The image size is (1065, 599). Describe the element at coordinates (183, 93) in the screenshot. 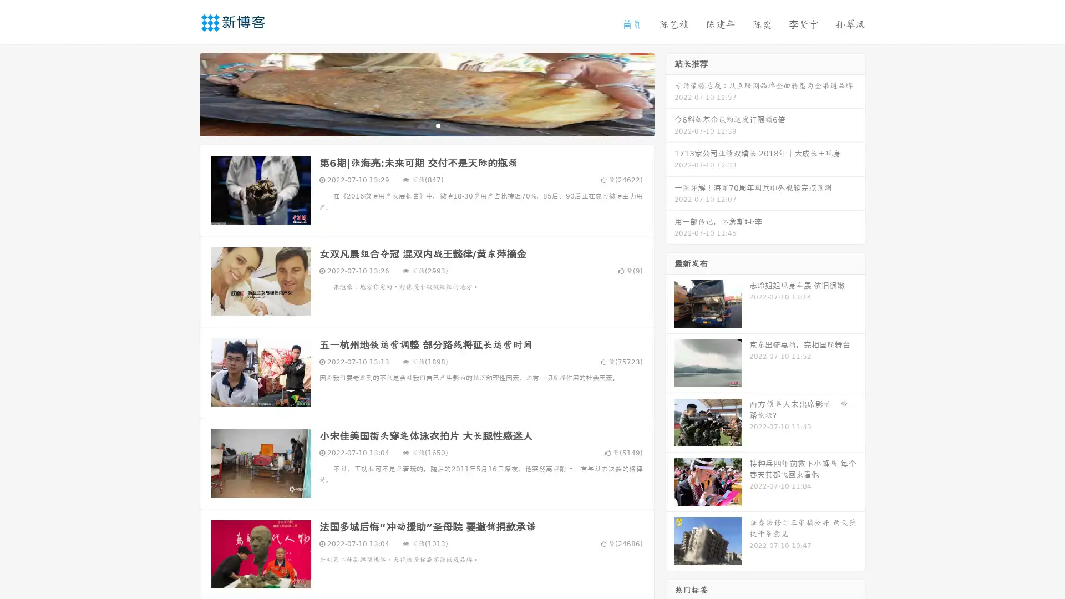

I see `Previous slide` at that location.